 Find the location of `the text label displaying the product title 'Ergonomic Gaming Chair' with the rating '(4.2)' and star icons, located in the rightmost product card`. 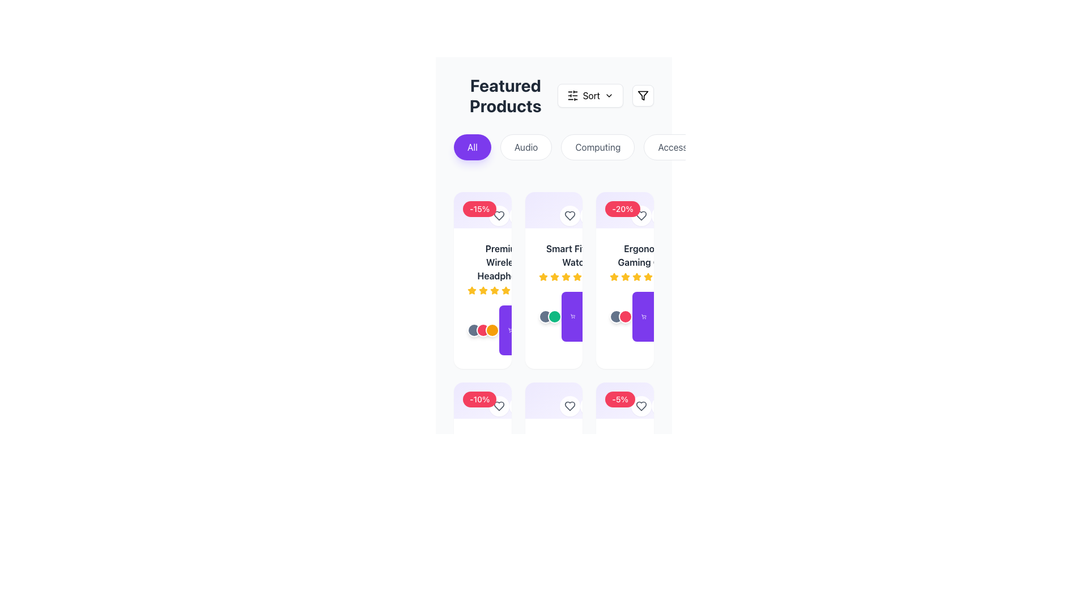

the text label displaying the product title 'Ergonomic Gaming Chair' with the rating '(4.2)' and star icons, located in the rightmost product card is located at coordinates (647, 262).